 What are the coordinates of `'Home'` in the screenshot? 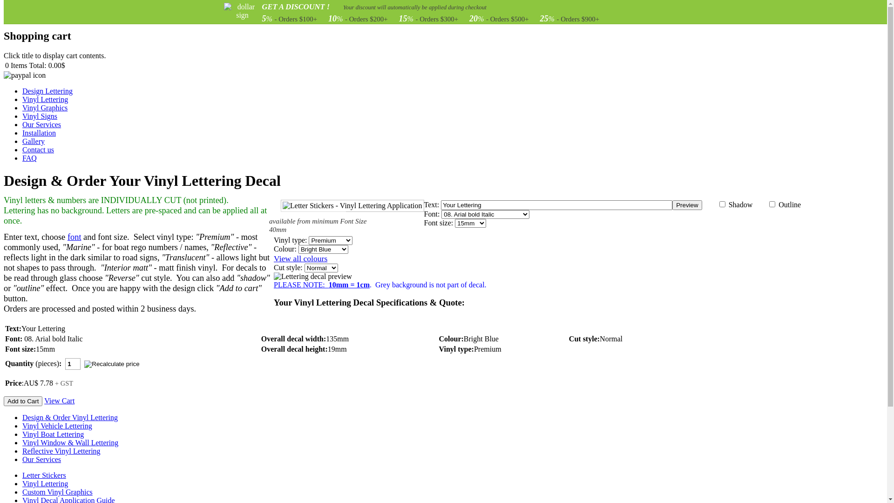 It's located at (16, 16).